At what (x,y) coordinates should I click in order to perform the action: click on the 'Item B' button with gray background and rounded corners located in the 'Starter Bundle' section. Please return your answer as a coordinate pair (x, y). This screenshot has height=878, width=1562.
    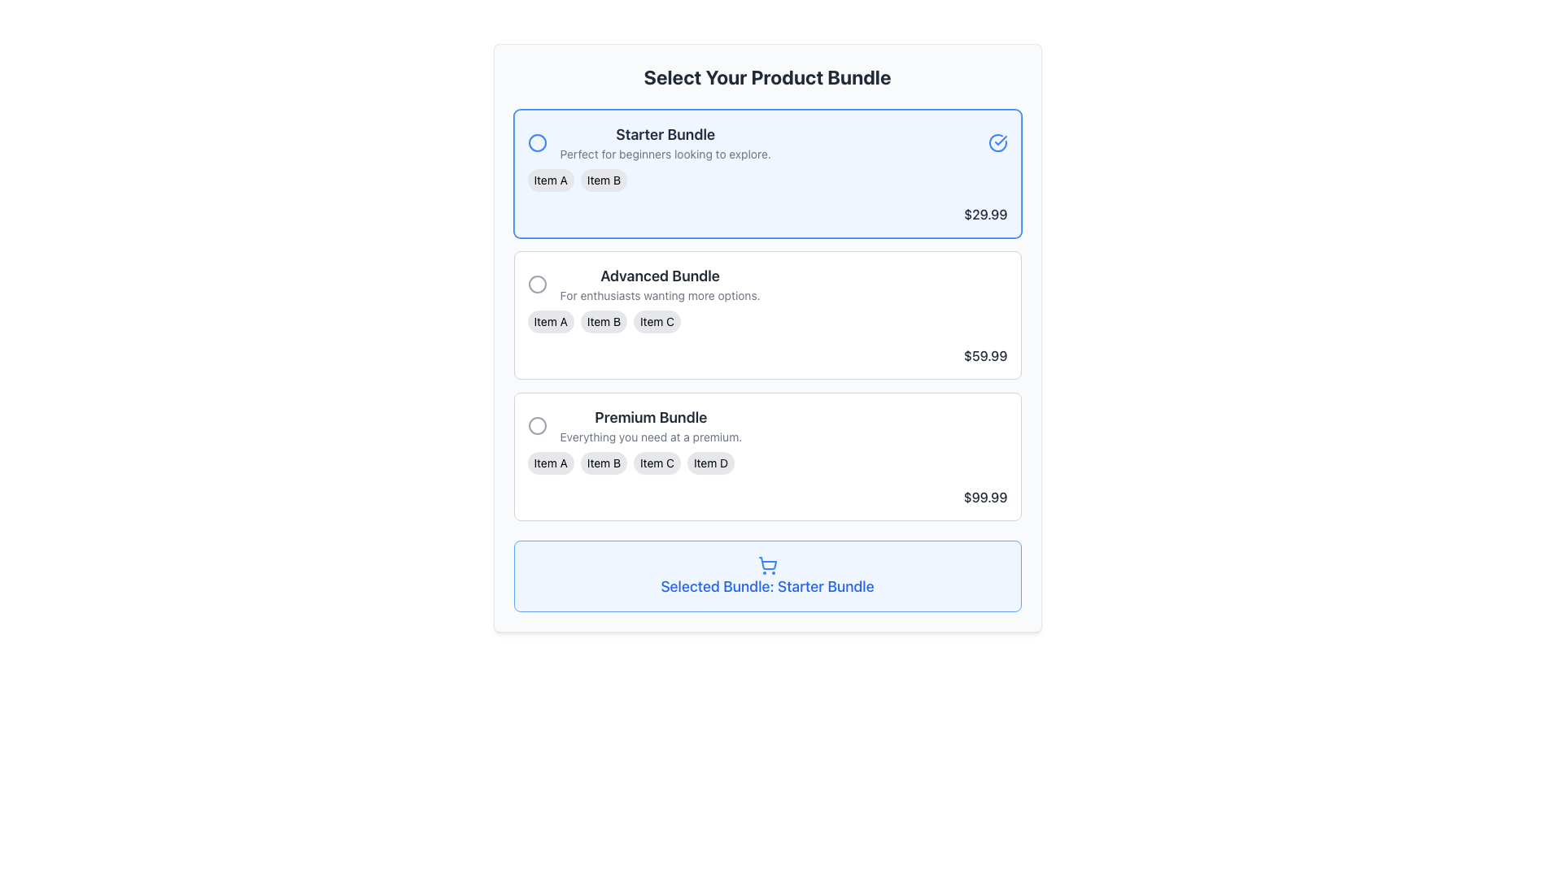
    Looking at the image, I should click on (603, 180).